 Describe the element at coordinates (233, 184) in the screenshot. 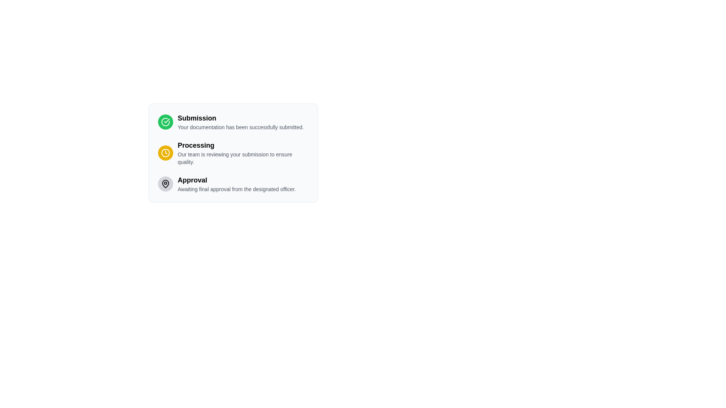

I see `the text-based status indicator displaying 'Approval' and 'Awaiting final approval from the designated officer.'` at that location.